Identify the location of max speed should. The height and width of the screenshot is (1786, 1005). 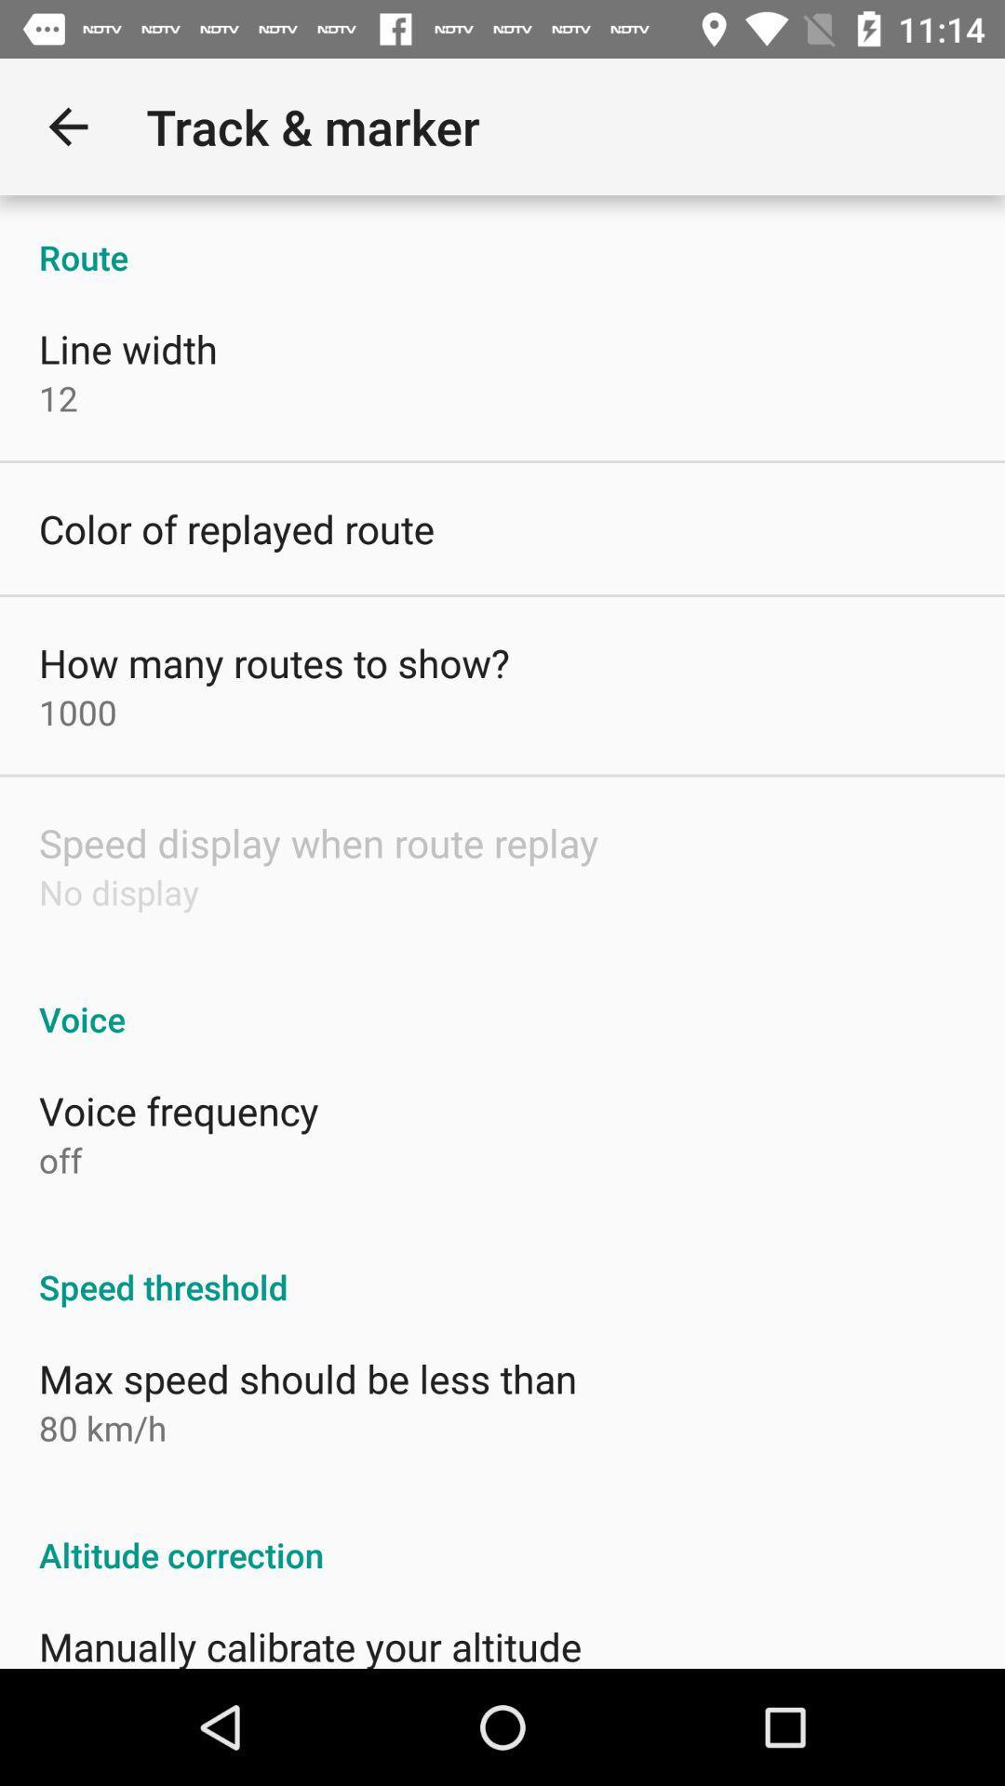
(307, 1379).